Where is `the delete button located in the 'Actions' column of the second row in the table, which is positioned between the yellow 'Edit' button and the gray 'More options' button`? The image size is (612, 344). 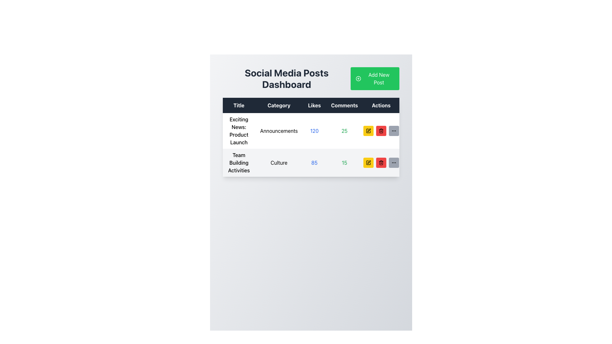
the delete button located in the 'Actions' column of the second row in the table, which is positioned between the yellow 'Edit' button and the gray 'More options' button is located at coordinates (381, 162).